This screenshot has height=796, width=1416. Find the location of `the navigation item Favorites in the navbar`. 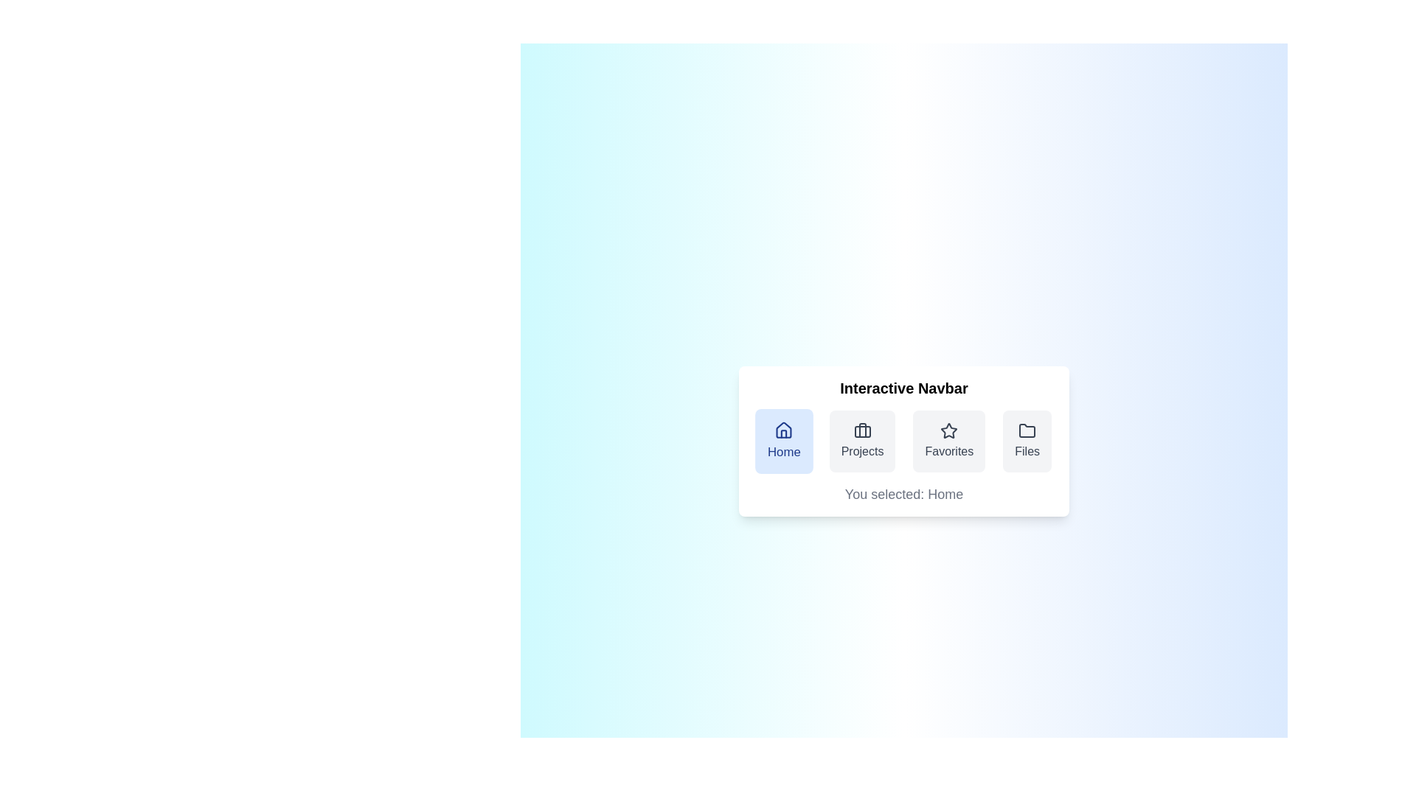

the navigation item Favorites in the navbar is located at coordinates (949, 440).